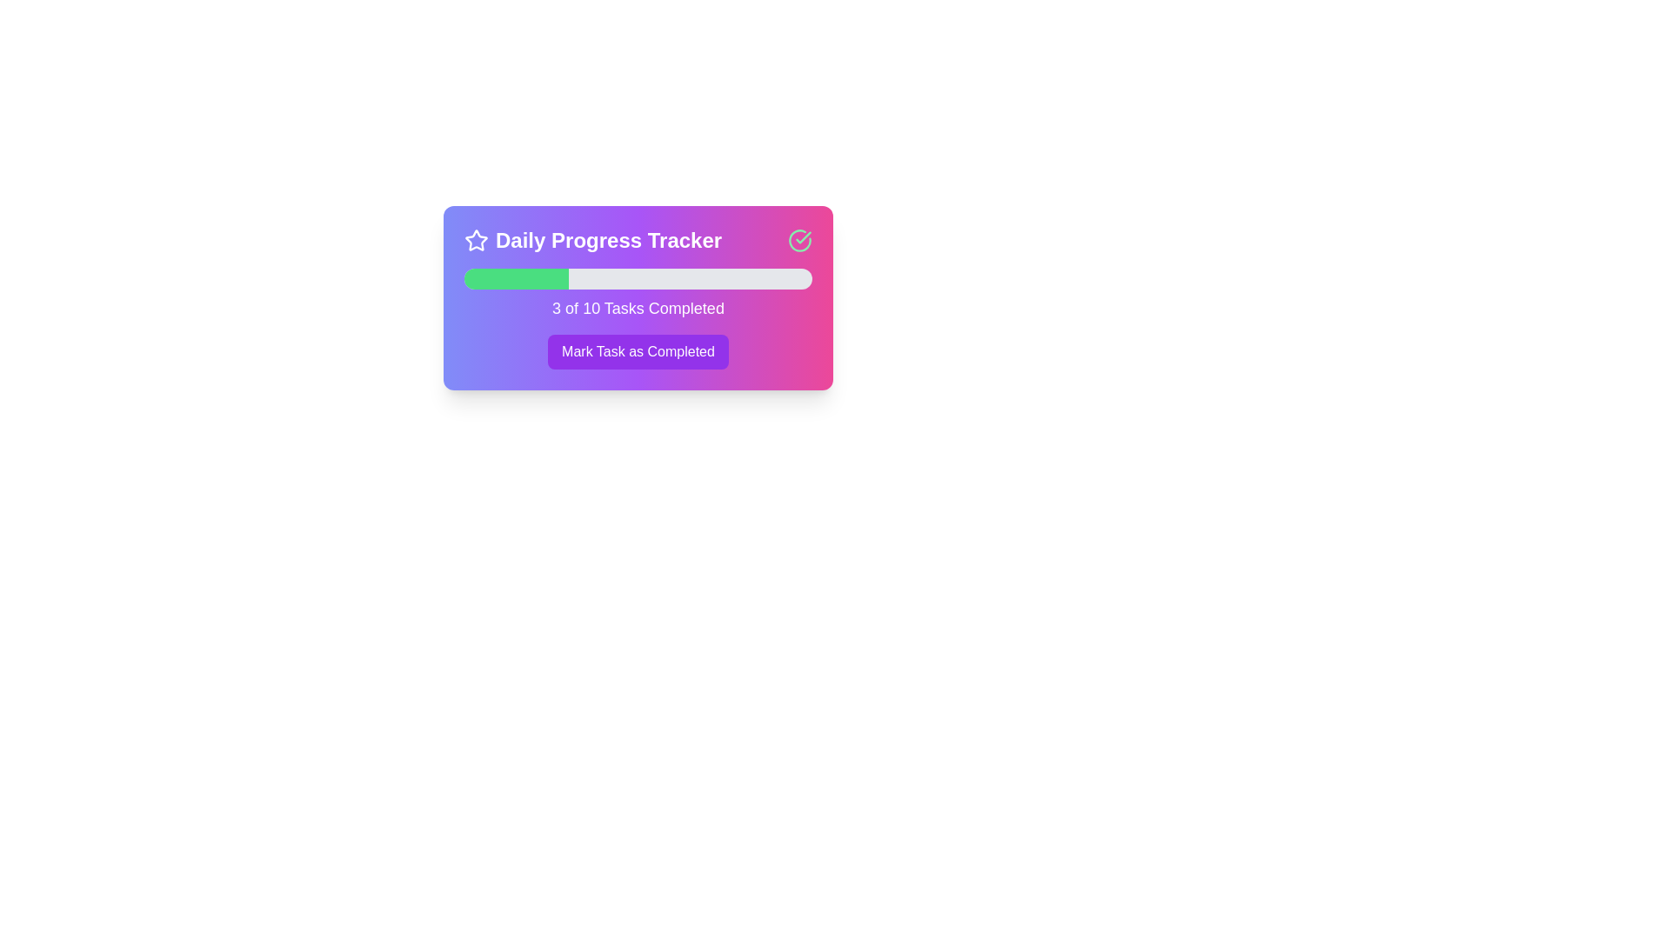 This screenshot has height=939, width=1670. Describe the element at coordinates (799, 241) in the screenshot. I see `the circular icon with a green checkmark inside it, located at the far right end of the 'Daily Progress Tracker' title bar` at that location.